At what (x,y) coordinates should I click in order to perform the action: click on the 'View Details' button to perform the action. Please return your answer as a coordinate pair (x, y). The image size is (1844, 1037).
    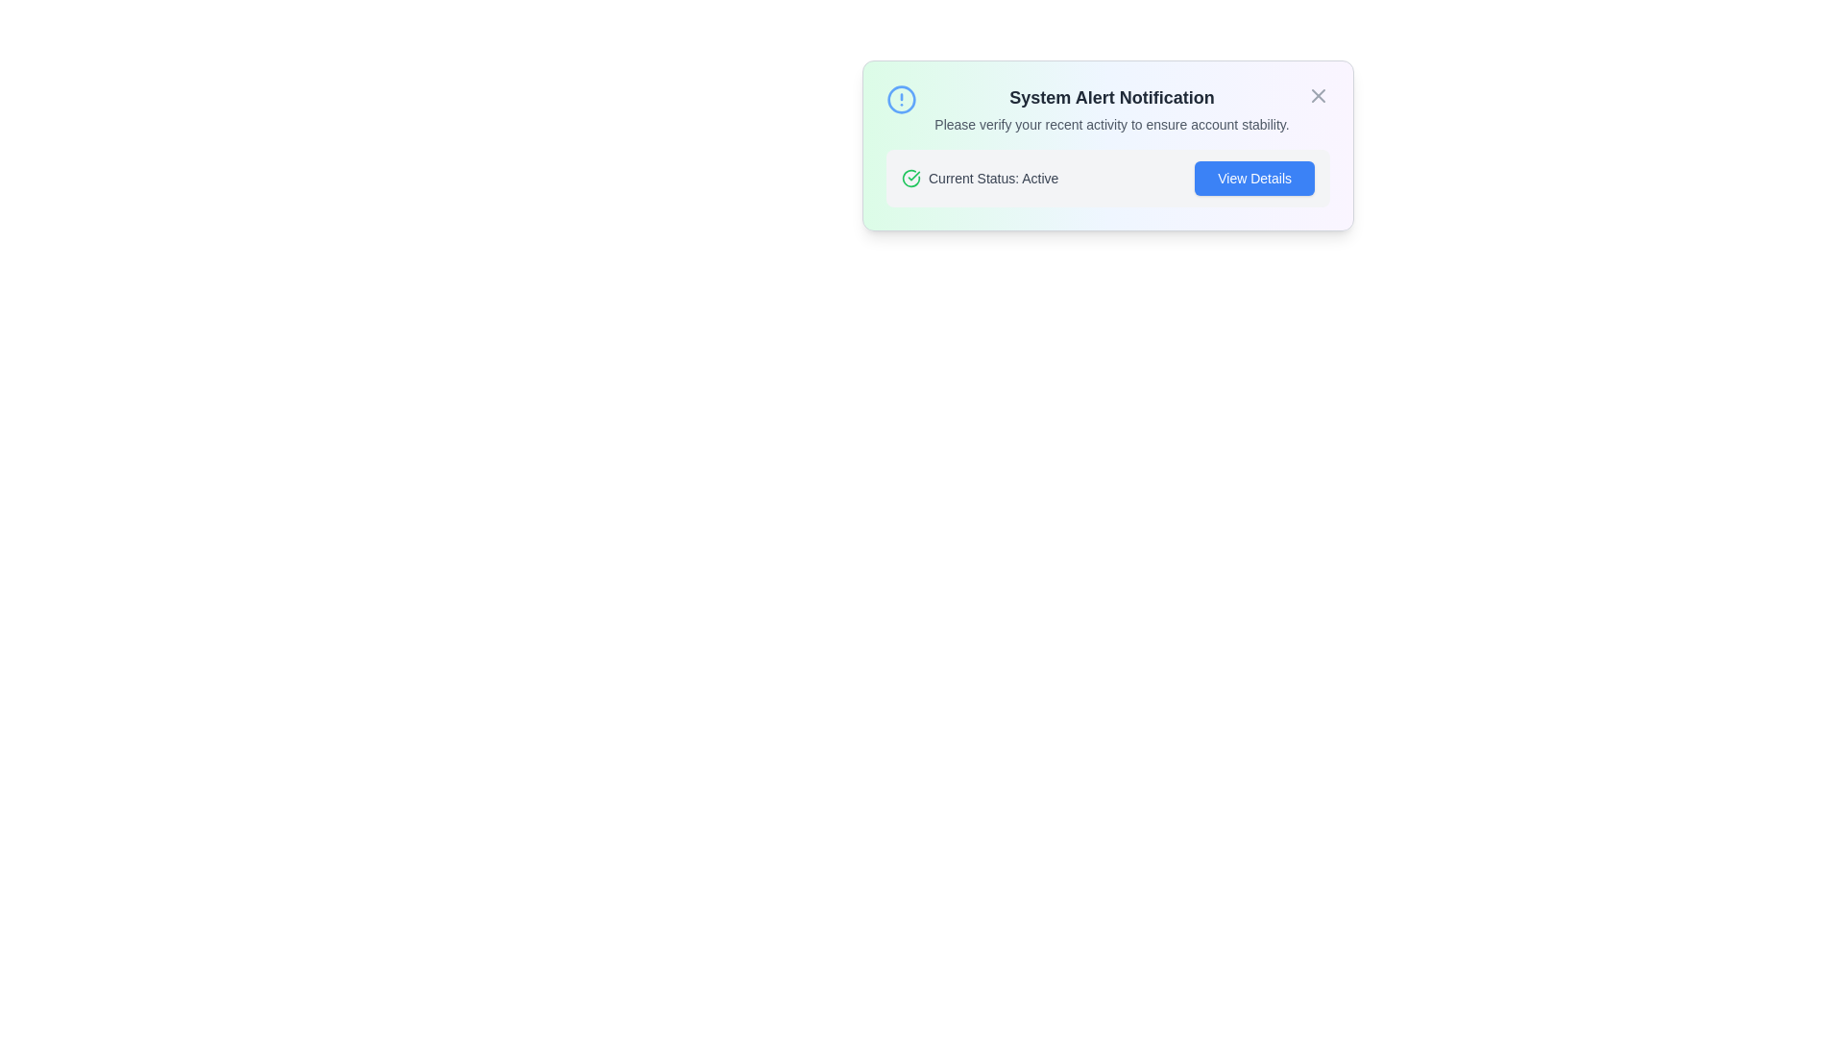
    Looking at the image, I should click on (1253, 178).